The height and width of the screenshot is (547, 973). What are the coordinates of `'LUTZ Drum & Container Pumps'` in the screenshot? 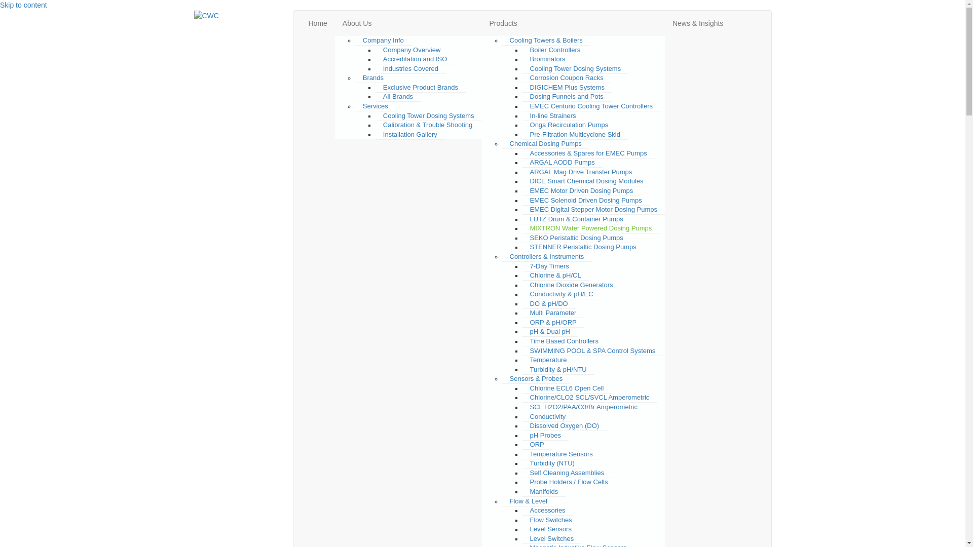 It's located at (522, 218).